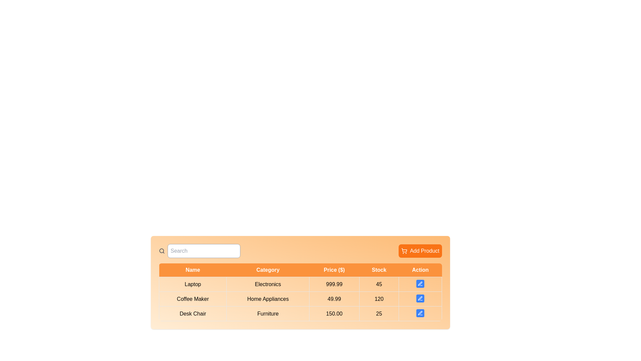 The width and height of the screenshot is (641, 361). I want to click on the small blue button with a white pen icon located in the bottom-right section of the table, so click(420, 284).